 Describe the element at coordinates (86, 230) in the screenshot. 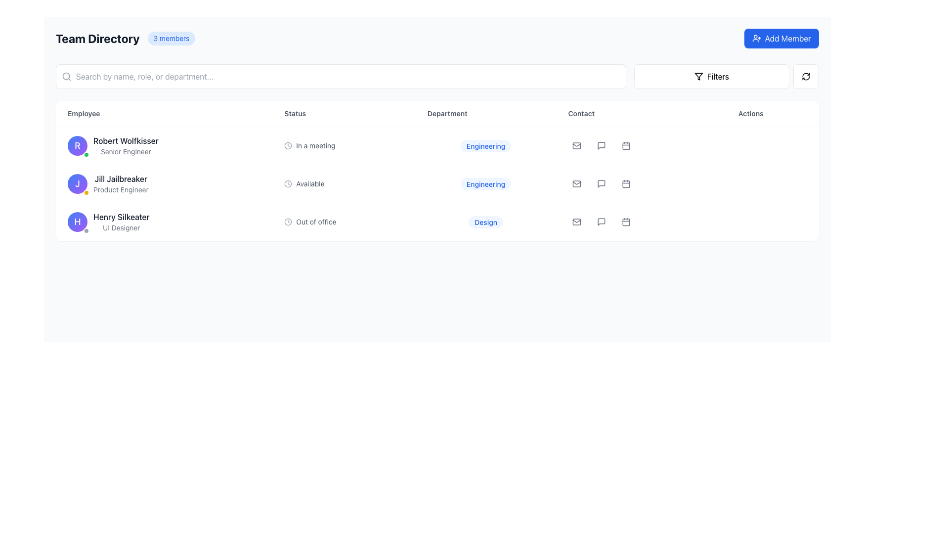

I see `status indicator badge associated with the profile of 'Henry Silkeater' located at the bottom-right corner of the circular profile badge marked with 'H'` at that location.